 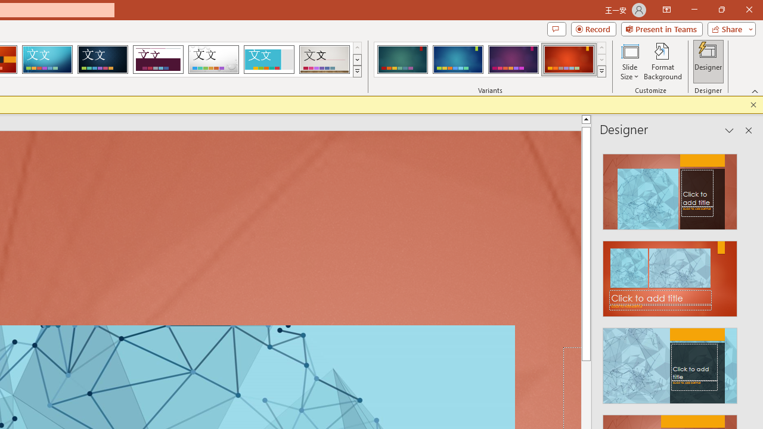 I want to click on 'Circuit', so click(x=47, y=60).